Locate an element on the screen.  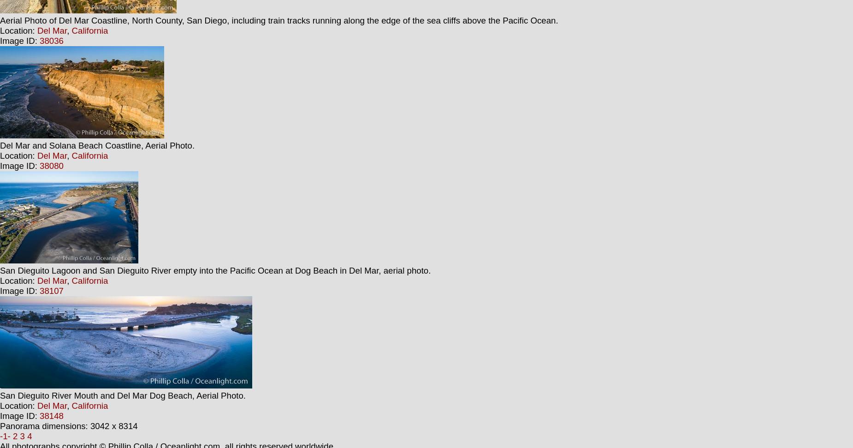
'4' is located at coordinates (29, 436).